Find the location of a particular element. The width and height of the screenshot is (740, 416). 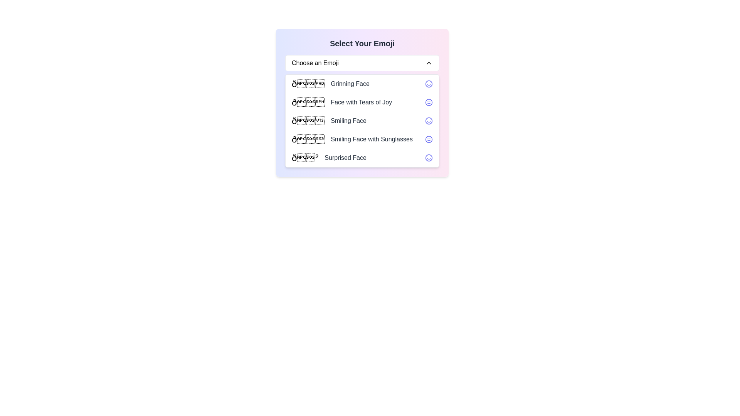

the List Item containing the 'Face with Tears of Joy' emoji and text is located at coordinates (341, 102).